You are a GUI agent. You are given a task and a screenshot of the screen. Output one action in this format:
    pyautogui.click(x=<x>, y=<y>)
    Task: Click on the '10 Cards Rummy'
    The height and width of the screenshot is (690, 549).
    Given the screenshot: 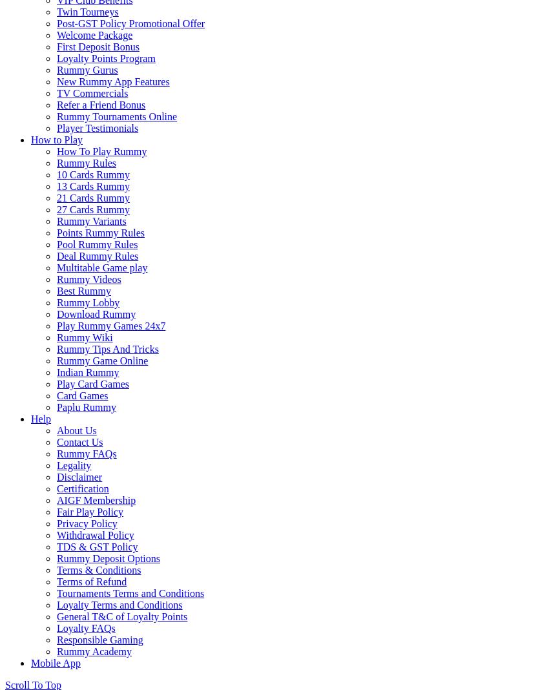 What is the action you would take?
    pyautogui.click(x=92, y=174)
    